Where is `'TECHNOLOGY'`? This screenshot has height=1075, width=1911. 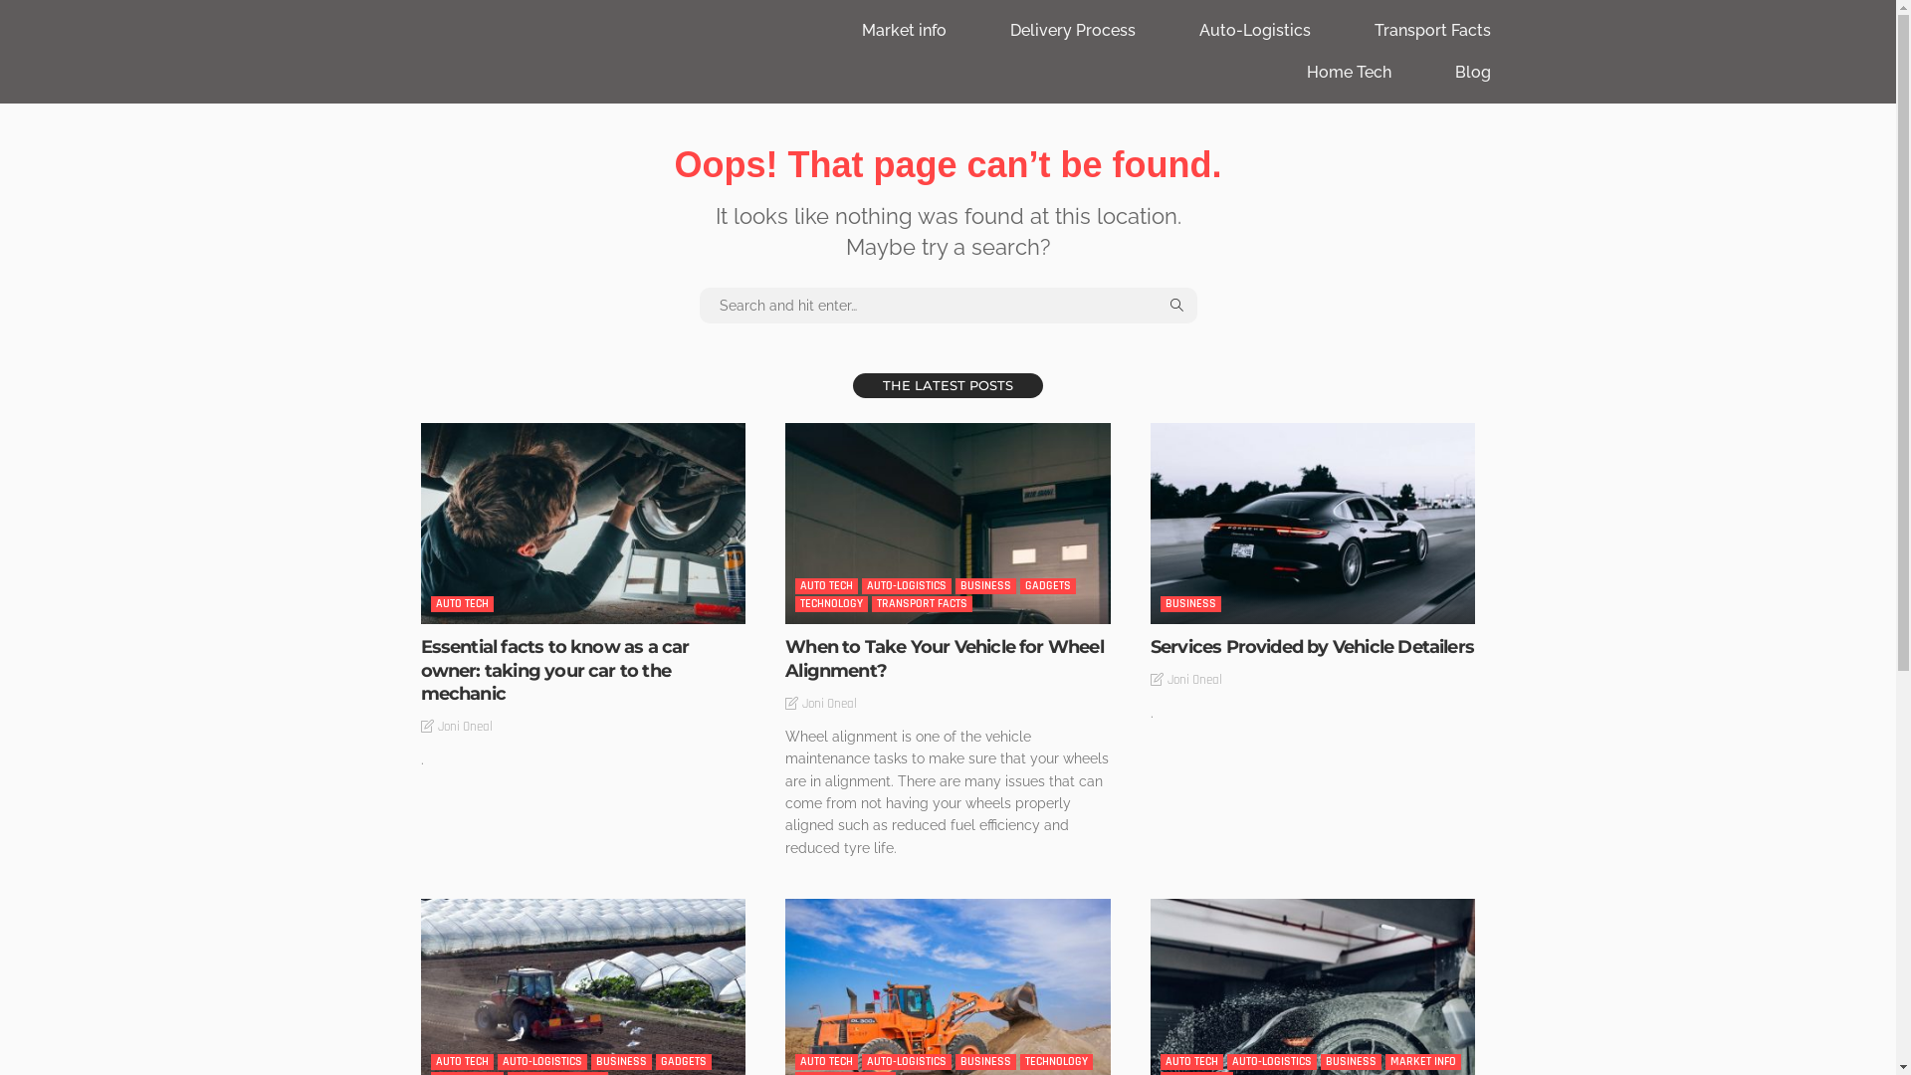
'TECHNOLOGY' is located at coordinates (793, 602).